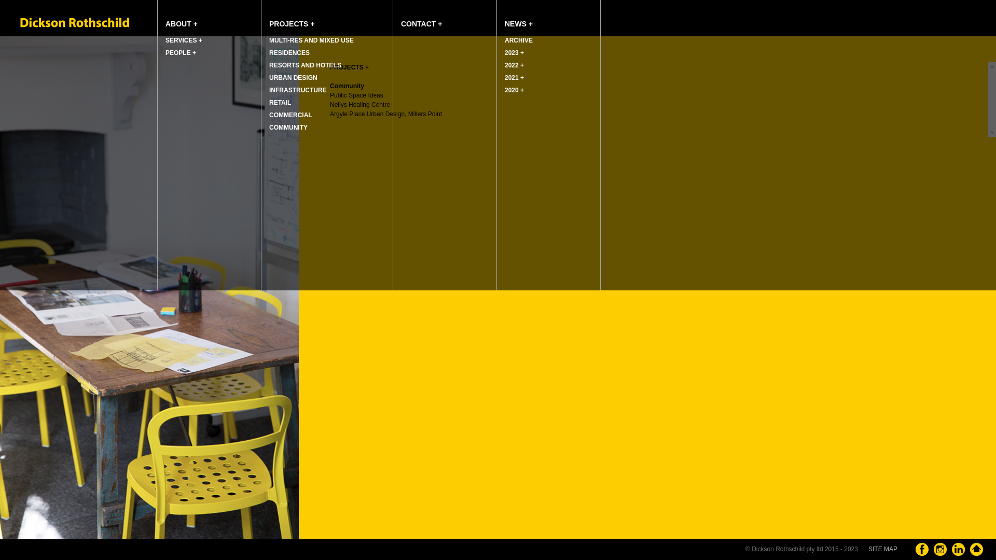 The image size is (996, 560). I want to click on 'MULTI-RES AND MIXED USE', so click(261, 39).